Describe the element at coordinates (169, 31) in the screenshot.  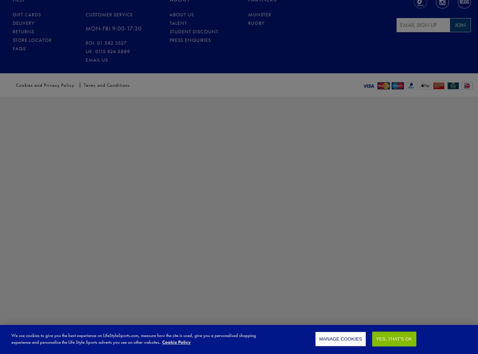
I see `'Student Discount'` at that location.